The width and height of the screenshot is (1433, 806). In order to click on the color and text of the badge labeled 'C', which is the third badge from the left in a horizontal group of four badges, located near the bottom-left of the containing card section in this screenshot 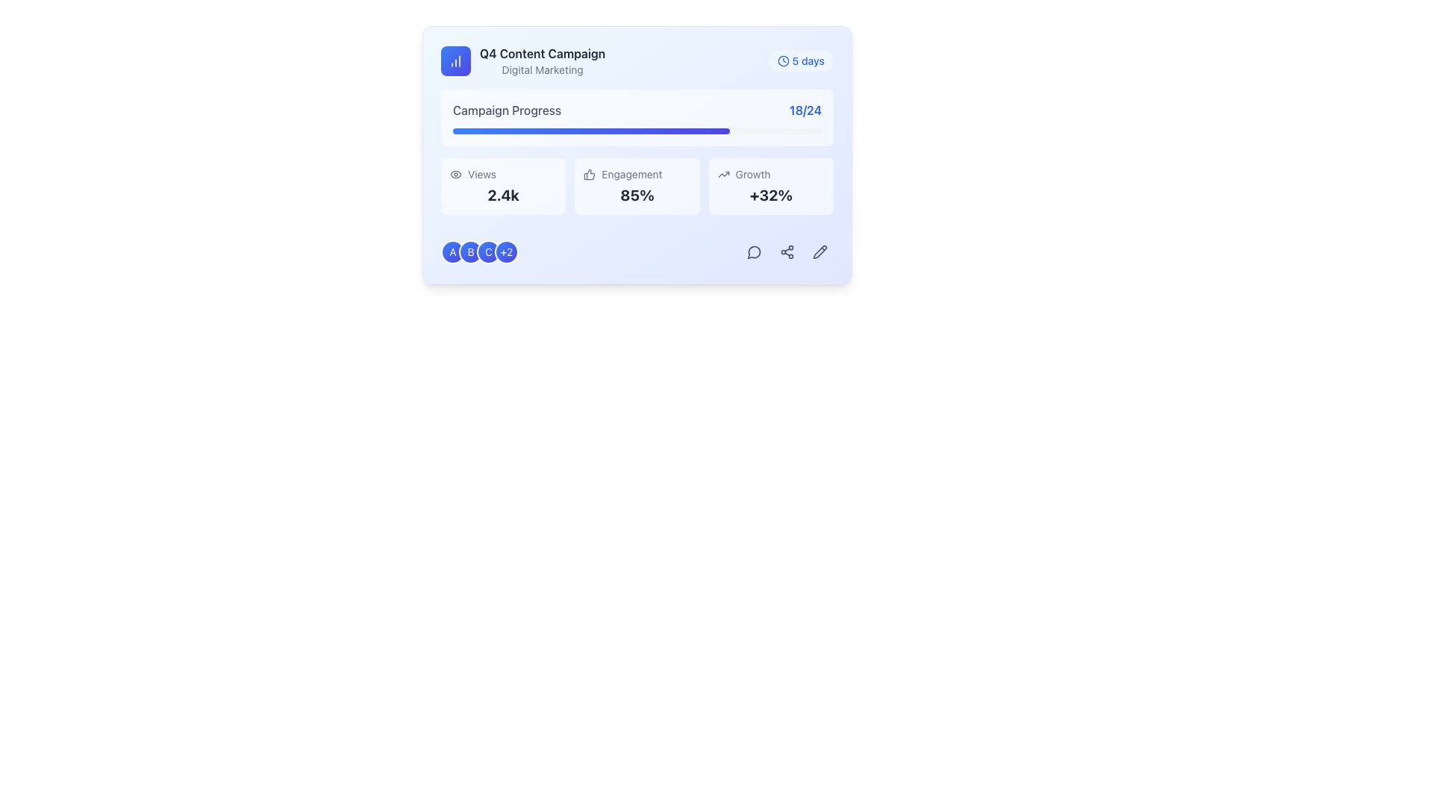, I will do `click(488, 252)`.